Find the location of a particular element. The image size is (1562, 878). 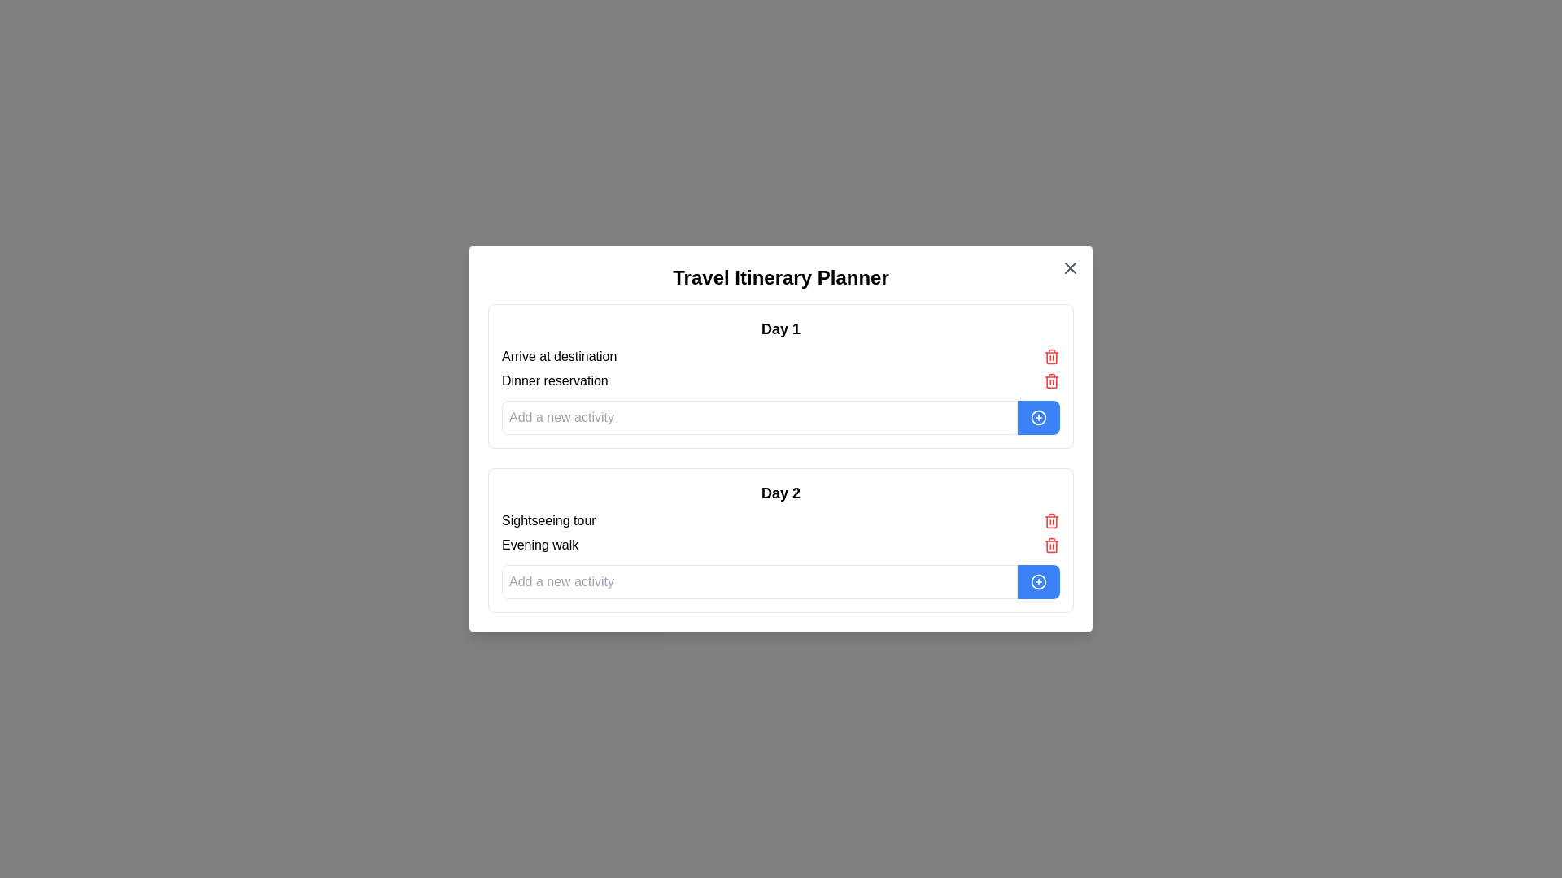

the action button to add a new activity for 'Day 2', located at the right end of the input field labeled 'Add a new activity' is located at coordinates (1037, 581).